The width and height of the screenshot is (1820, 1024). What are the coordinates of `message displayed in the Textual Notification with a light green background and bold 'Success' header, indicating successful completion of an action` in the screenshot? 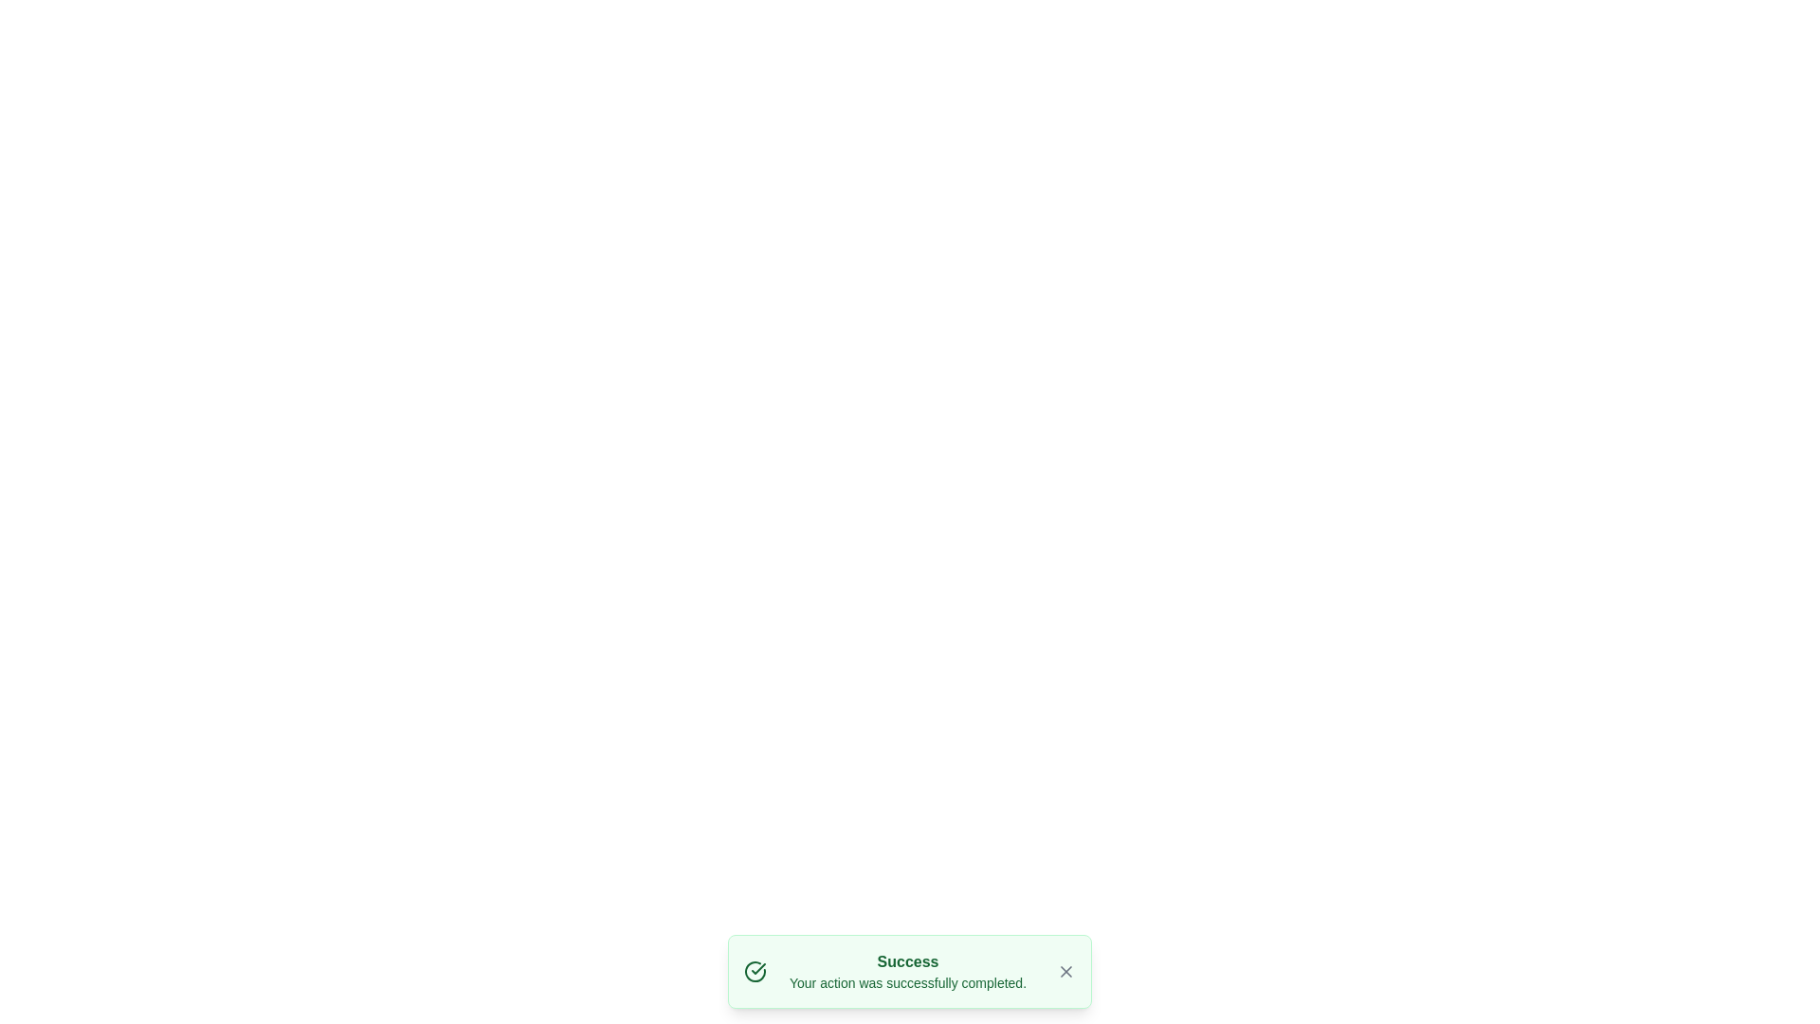 It's located at (907, 972).